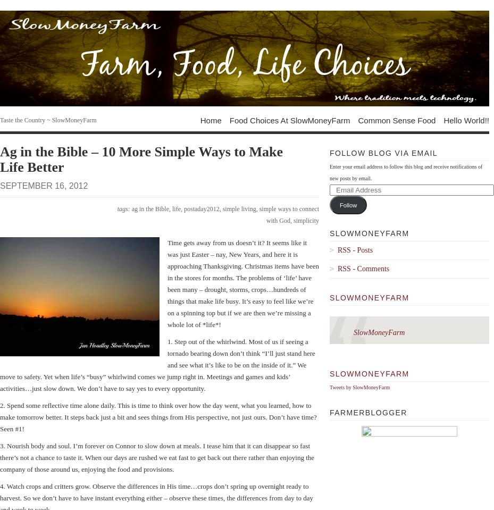 Image resolution: width=494 pixels, height=510 pixels. I want to click on 'simple ways to connect with God', so click(289, 215).